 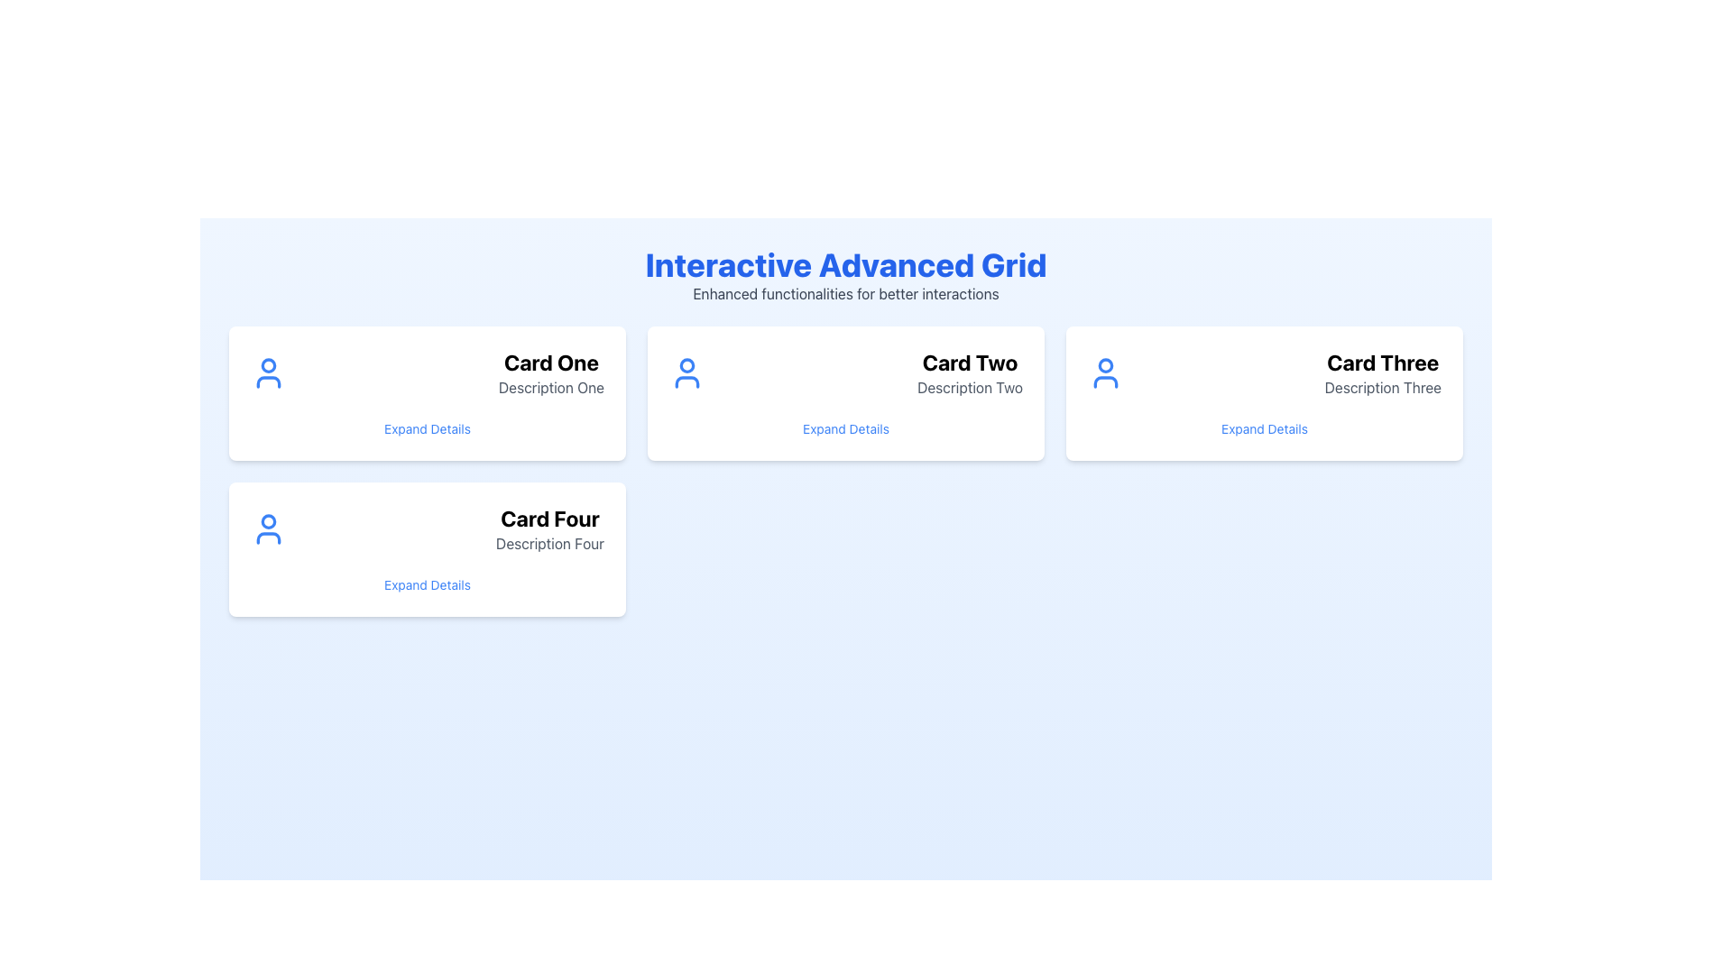 I want to click on title and subtitle text from the second card in the interface, which is positioned to the right of 'Card One' and above 'Card Four', so click(x=969, y=372).